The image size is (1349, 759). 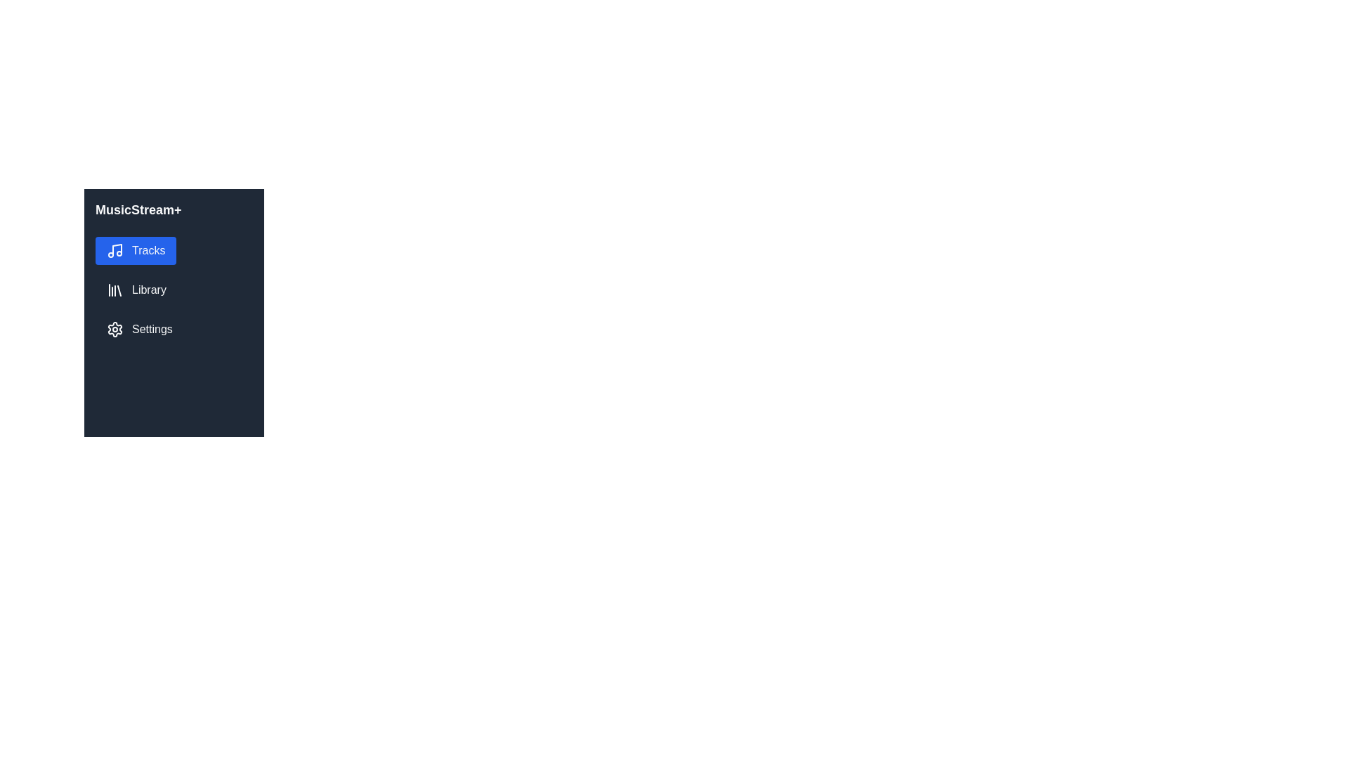 I want to click on the vertical bar icon representing a library, which is styled with a white stroke on a dark background and located to the left of the 'Library' label in the left sidebar menu, so click(x=115, y=289).